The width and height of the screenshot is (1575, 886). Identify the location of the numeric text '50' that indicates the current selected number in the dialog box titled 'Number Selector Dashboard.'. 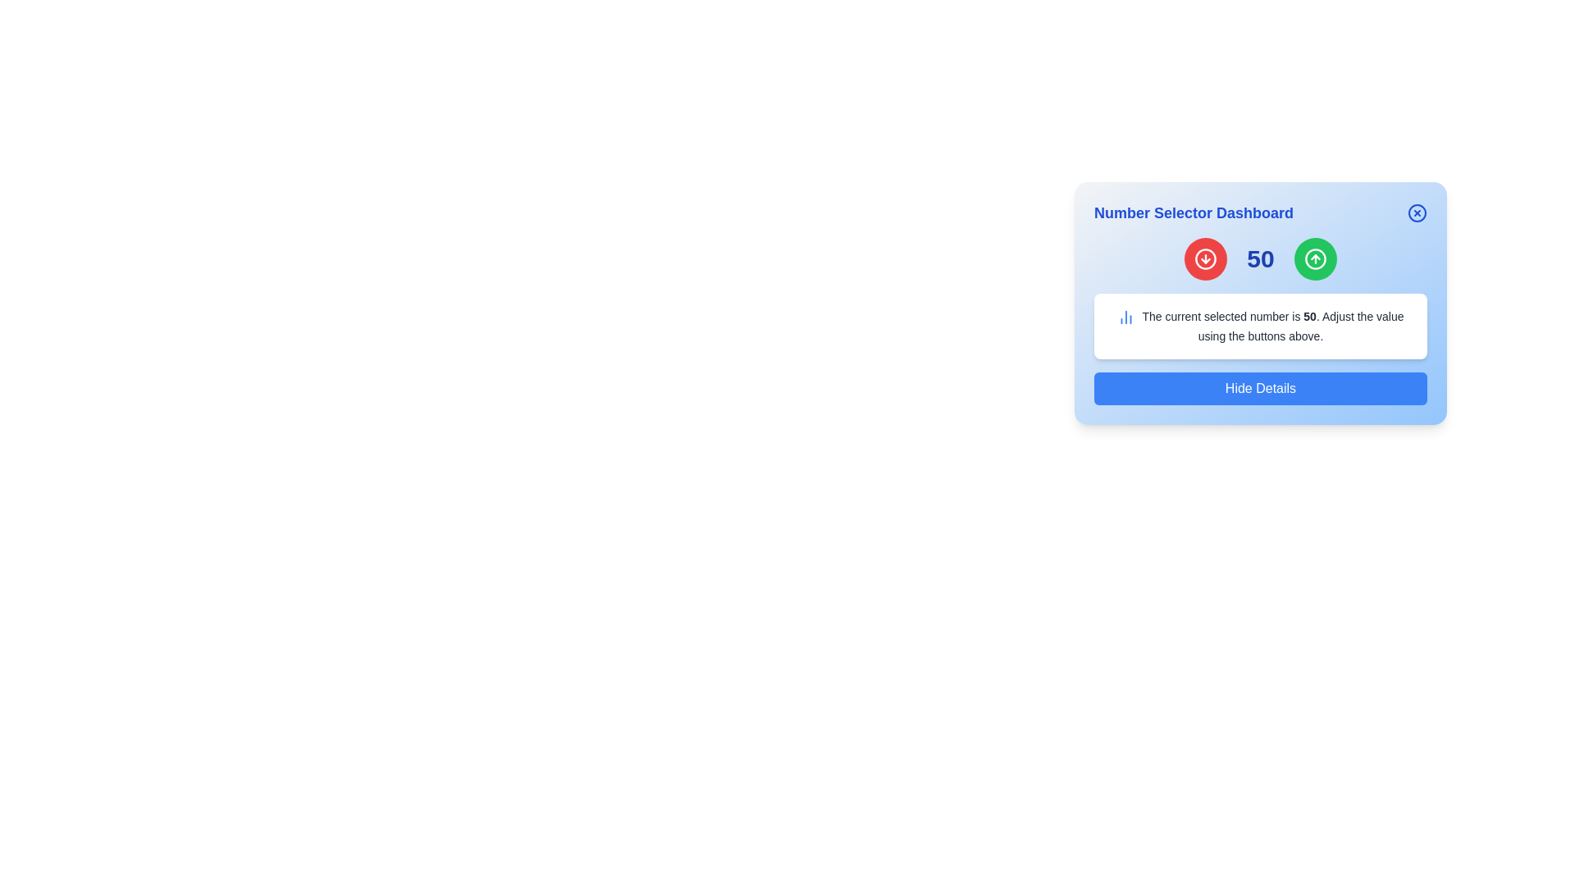
(1309, 316).